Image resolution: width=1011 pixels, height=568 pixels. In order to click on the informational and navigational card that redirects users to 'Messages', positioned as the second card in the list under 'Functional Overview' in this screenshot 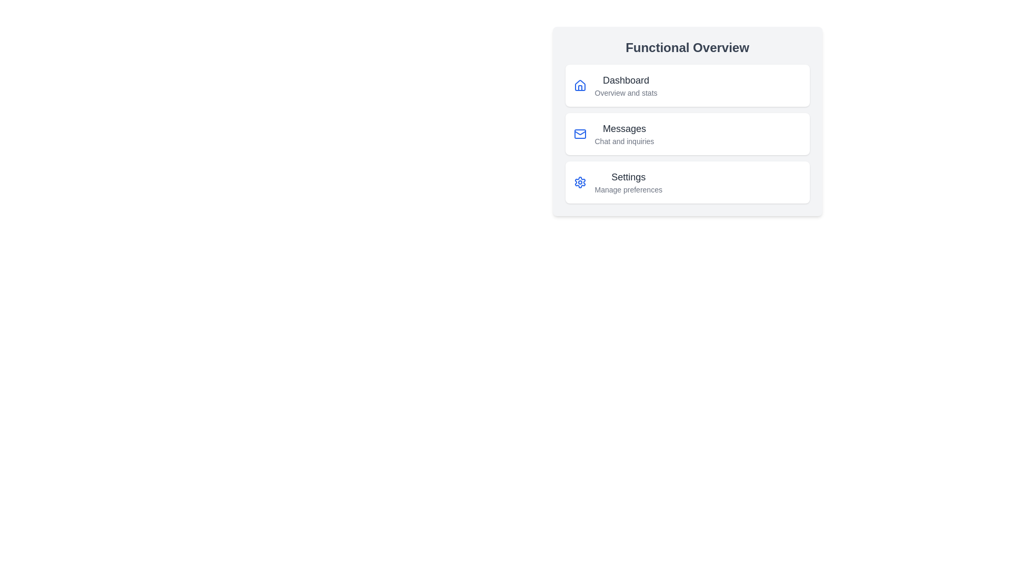, I will do `click(687, 121)`.